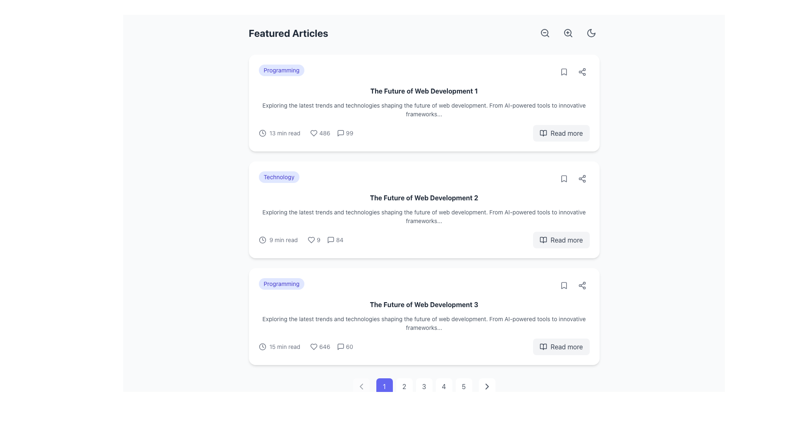 This screenshot has height=447, width=794. What do you see at coordinates (325, 240) in the screenshot?
I see `the heart icon with the adjacent text '9' to associate it with the content summary` at bounding box center [325, 240].